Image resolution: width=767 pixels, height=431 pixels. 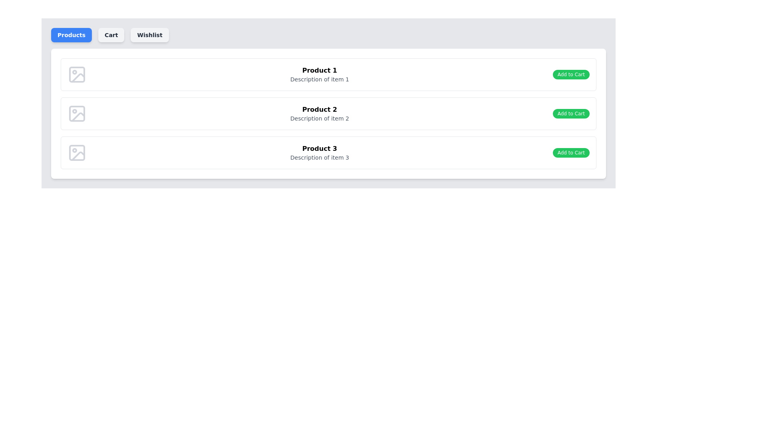 What do you see at coordinates (320, 157) in the screenshot?
I see `the text label displaying 'Description of item 3', which is located below the bold title 'Product 3' in the third item row of the list` at bounding box center [320, 157].